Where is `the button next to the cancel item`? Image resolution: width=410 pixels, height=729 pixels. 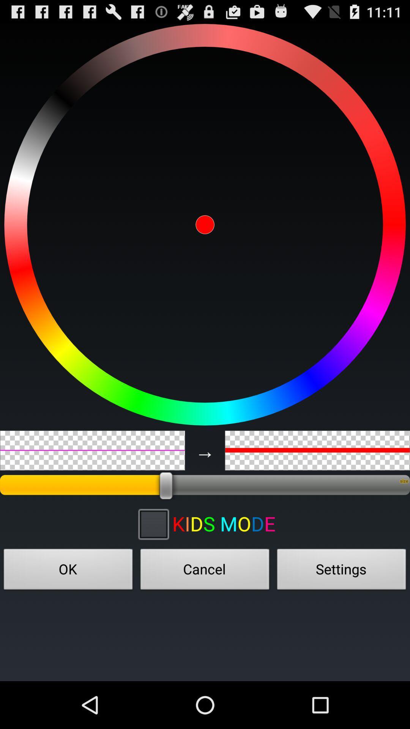
the button next to the cancel item is located at coordinates (68, 571).